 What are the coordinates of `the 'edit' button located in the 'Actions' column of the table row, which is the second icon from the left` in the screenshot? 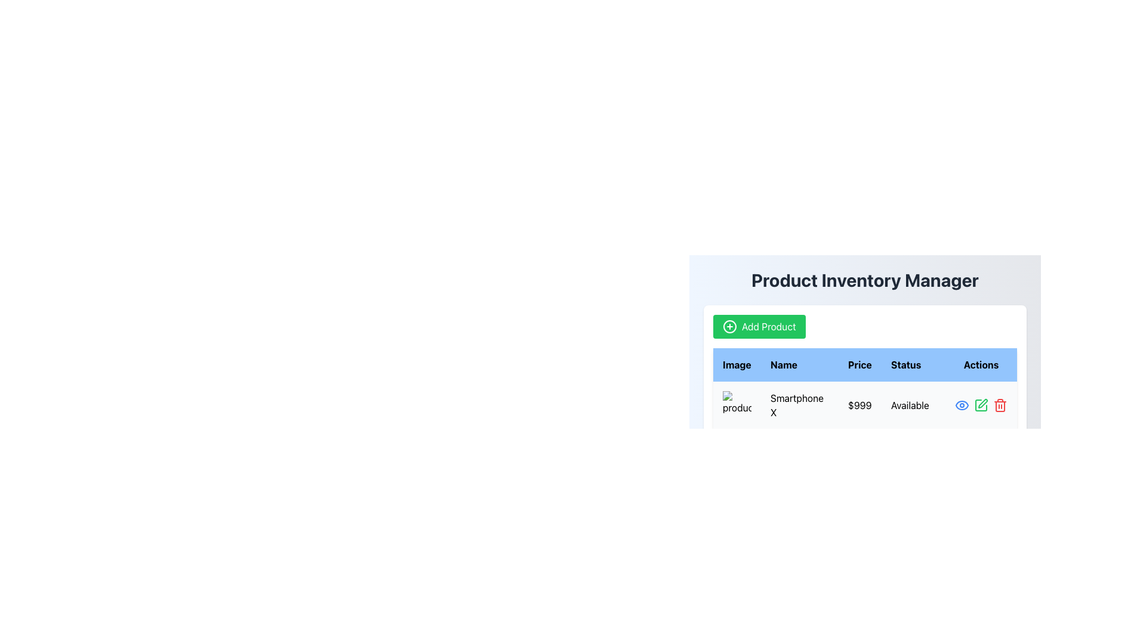 It's located at (981, 404).